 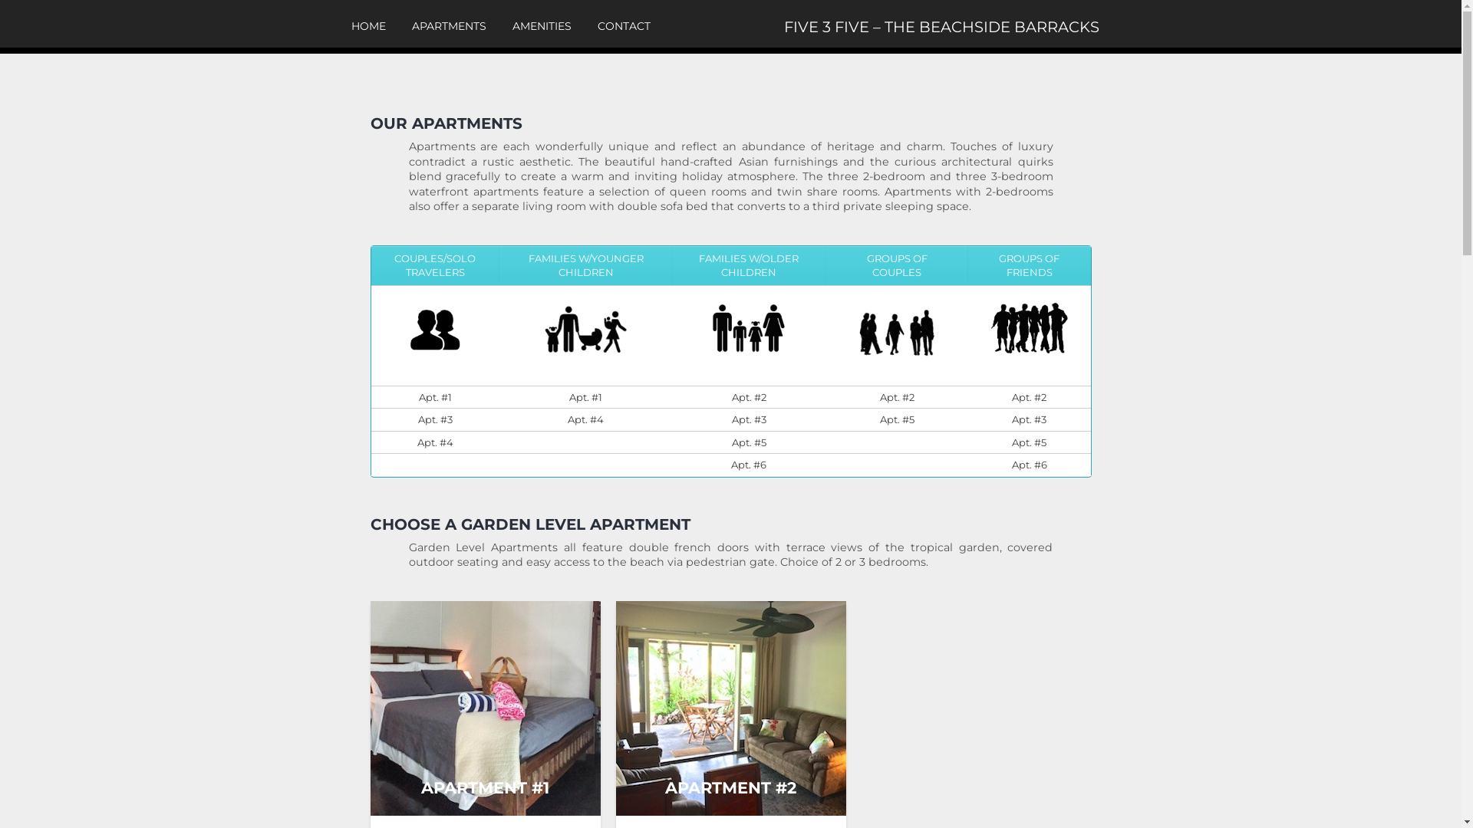 I want to click on 'HOME', so click(x=368, y=26).